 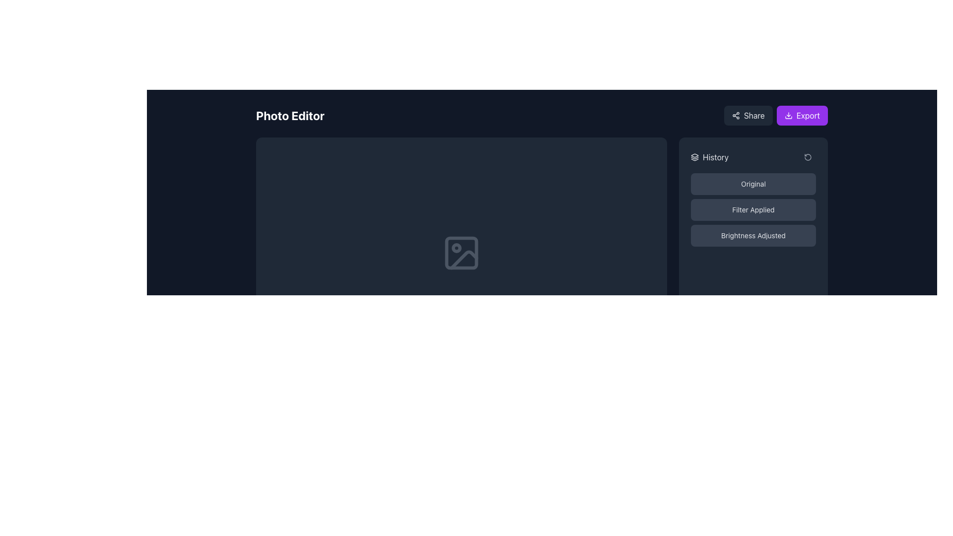 What do you see at coordinates (748, 115) in the screenshot?
I see `the 'Share' button with a dark gray background and rounded corners located at the top-right corner of the interface to initiate the sharing action` at bounding box center [748, 115].